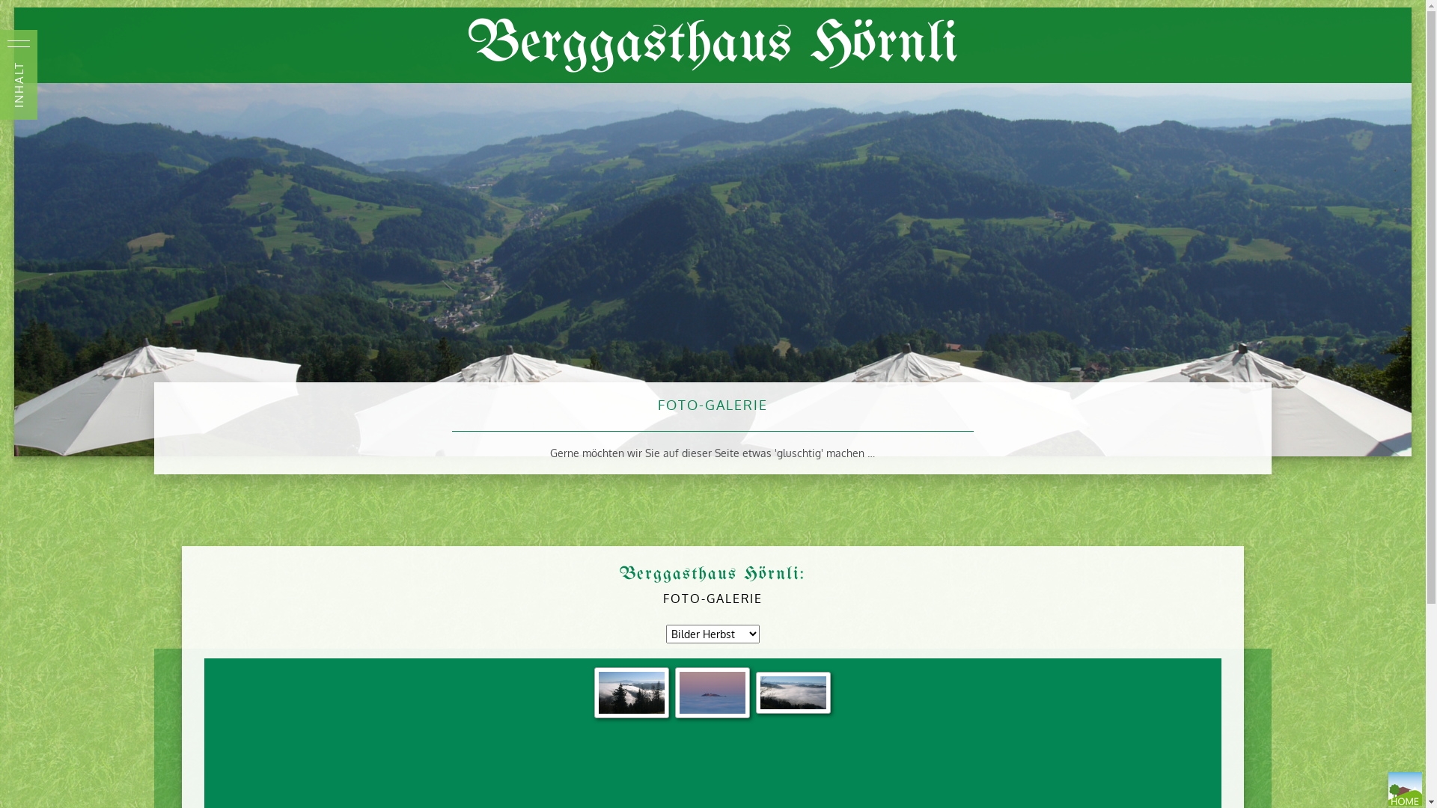 The width and height of the screenshot is (1437, 808). I want to click on 'Bild gross ansehen', so click(711, 692).